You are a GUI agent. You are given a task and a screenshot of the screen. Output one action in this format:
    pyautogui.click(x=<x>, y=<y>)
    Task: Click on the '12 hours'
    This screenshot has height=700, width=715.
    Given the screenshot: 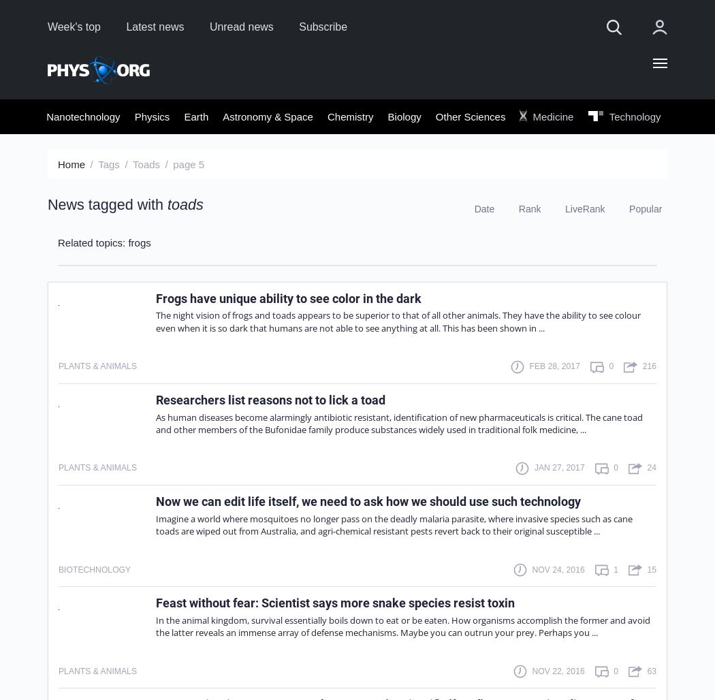 What is the action you would take?
    pyautogui.click(x=496, y=257)
    